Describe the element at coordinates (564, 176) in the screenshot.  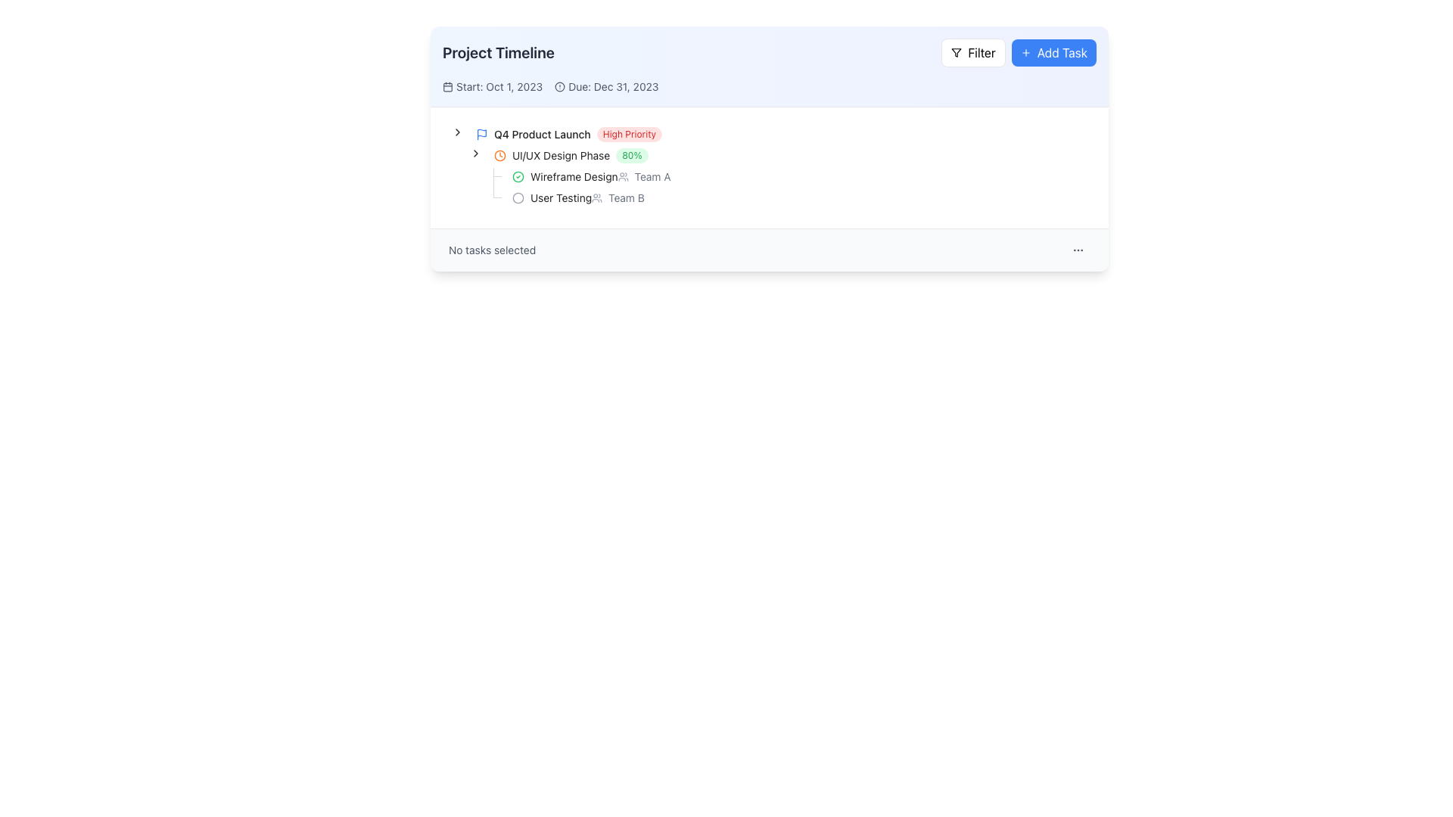
I see `the 'Wireframe Design' label with a green checkmark icon, which is the first sub-item under the 'UI/UX Design Phase' heading` at that location.